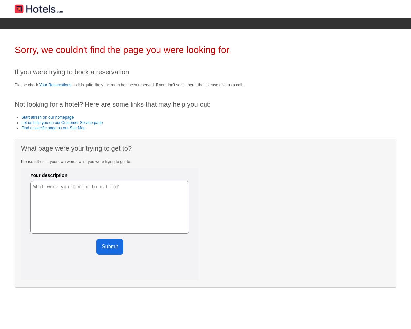  Describe the element at coordinates (123, 50) in the screenshot. I see `'Sorry, we couldn't find the page you were looking for.'` at that location.